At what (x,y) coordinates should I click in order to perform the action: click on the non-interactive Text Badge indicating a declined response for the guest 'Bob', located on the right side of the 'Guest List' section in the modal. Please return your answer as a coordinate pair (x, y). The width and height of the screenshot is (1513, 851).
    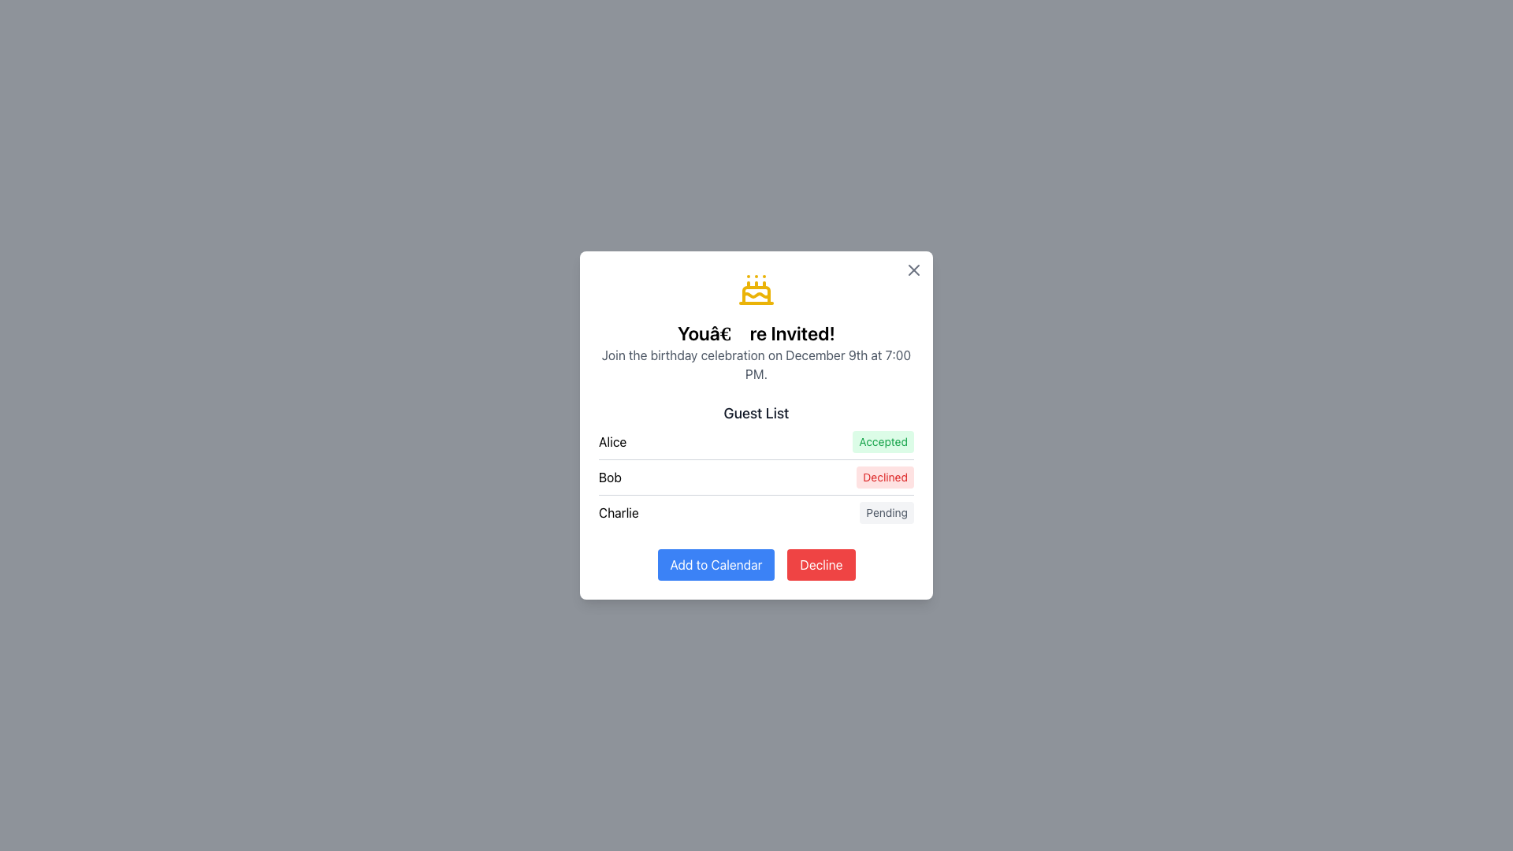
    Looking at the image, I should click on (885, 476).